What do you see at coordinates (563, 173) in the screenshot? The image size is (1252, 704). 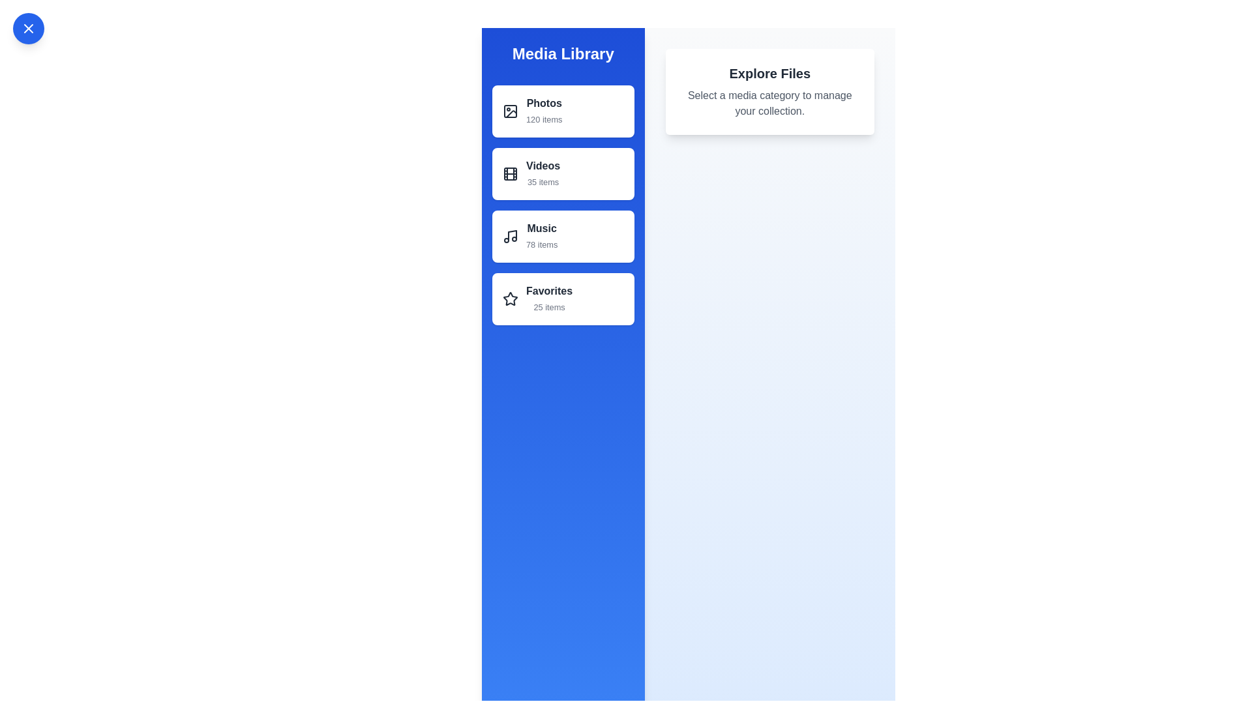 I see `the list item Videos to observe its hover state` at bounding box center [563, 173].